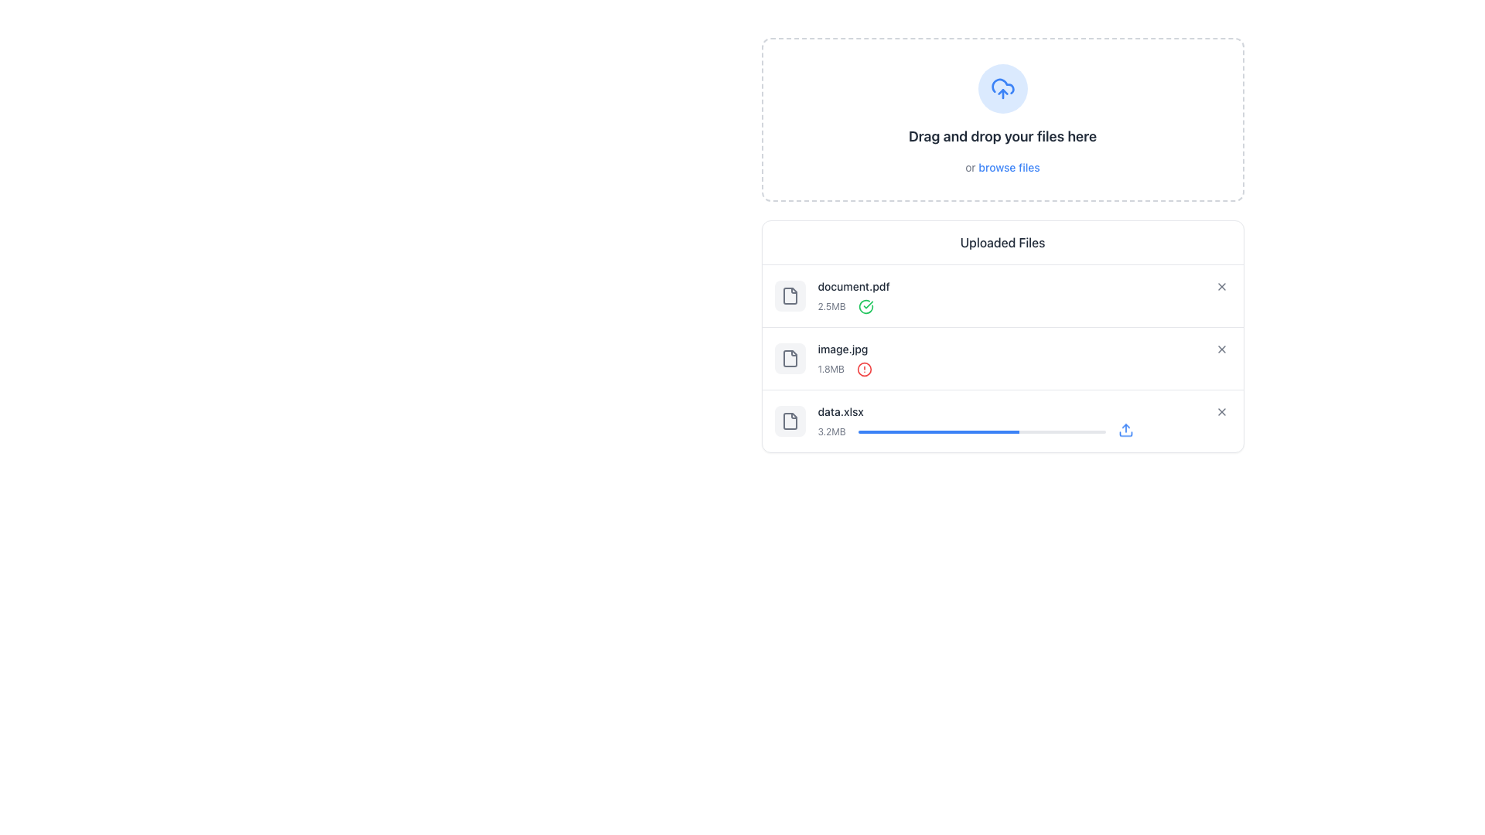 Image resolution: width=1485 pixels, height=835 pixels. What do you see at coordinates (1220, 286) in the screenshot?
I see `the 'X' icon button on the right edge of the file entry row for 'document.pdf'` at bounding box center [1220, 286].